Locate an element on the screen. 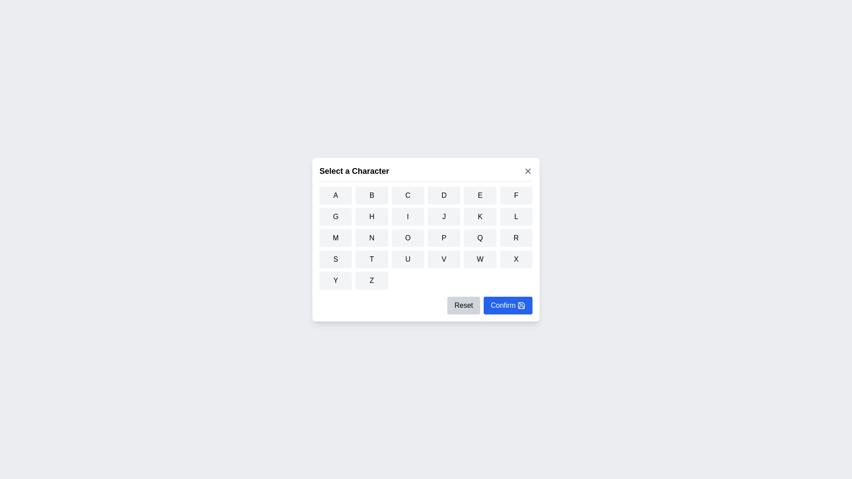 Image resolution: width=852 pixels, height=479 pixels. the button corresponding to the character I to select it is located at coordinates (407, 216).